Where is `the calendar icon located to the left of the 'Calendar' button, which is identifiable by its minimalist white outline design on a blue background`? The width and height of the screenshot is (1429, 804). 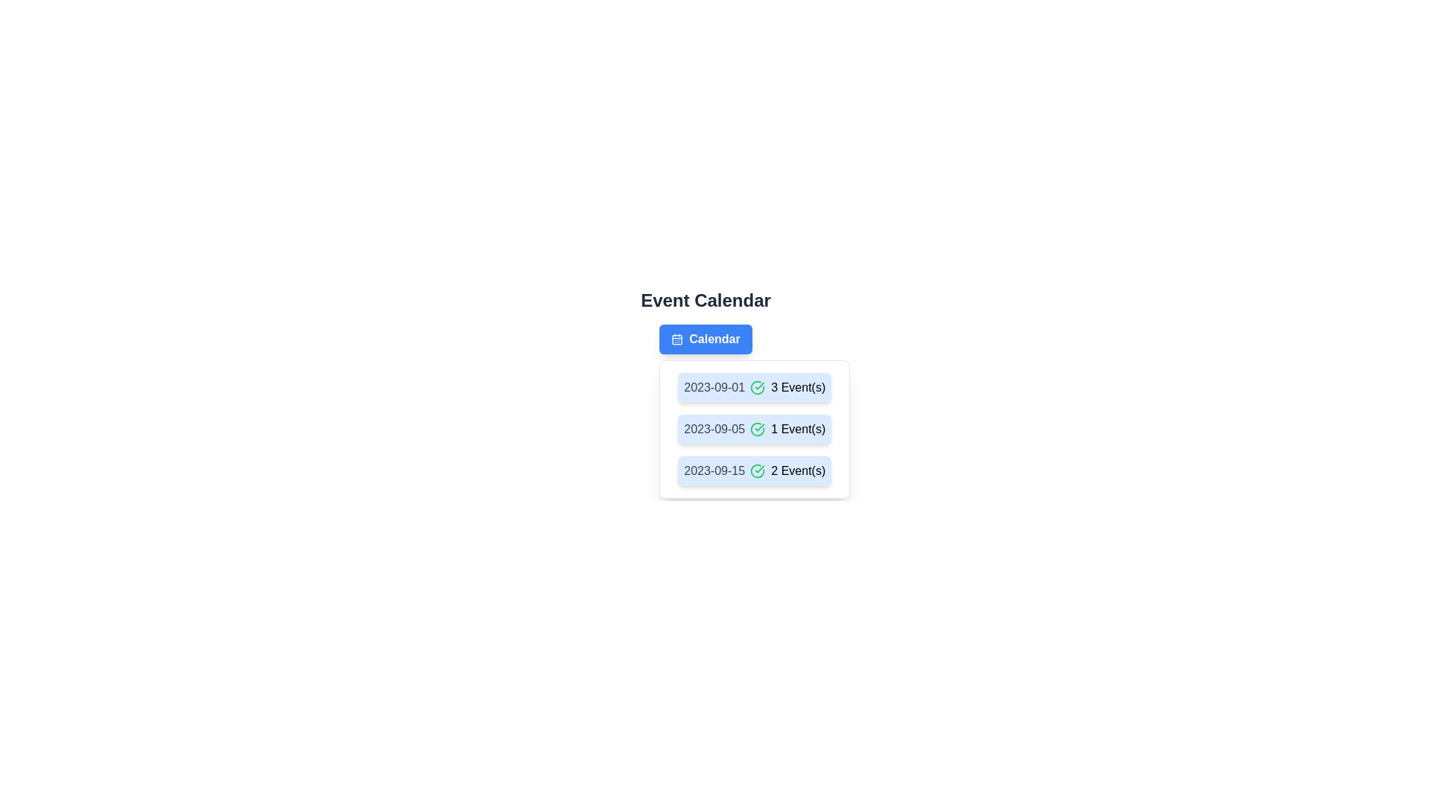
the calendar icon located to the left of the 'Calendar' button, which is identifiable by its minimalist white outline design on a blue background is located at coordinates (677, 339).